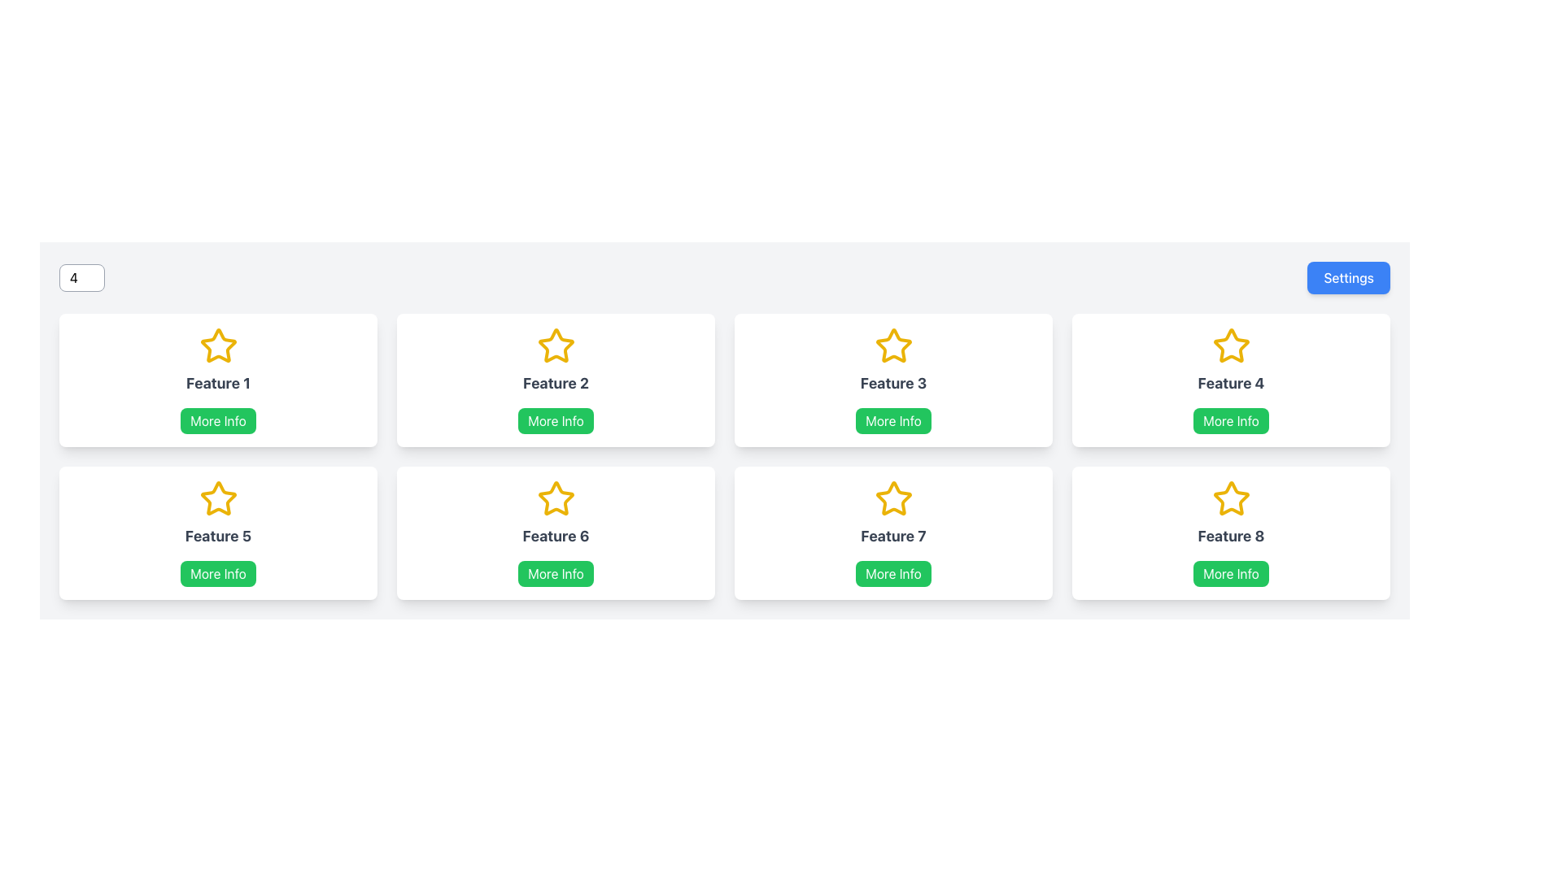 This screenshot has height=878, width=1562. What do you see at coordinates (892, 345) in the screenshot?
I see `the third star icon in the grid layout on the top row, positioned above the 'Feature 3' label and 'More Info' button` at bounding box center [892, 345].